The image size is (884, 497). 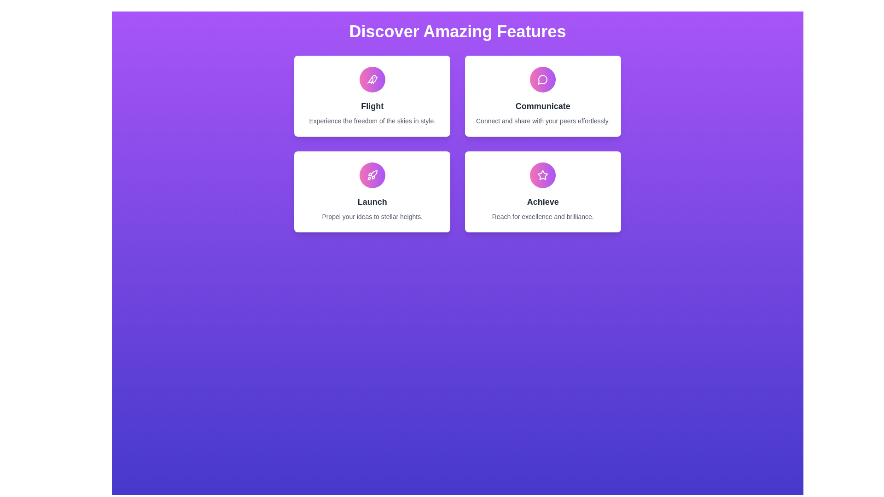 I want to click on the decorative graphic icon representing 'Flight' located in the top-left feature card of the grid layout, so click(x=372, y=79).